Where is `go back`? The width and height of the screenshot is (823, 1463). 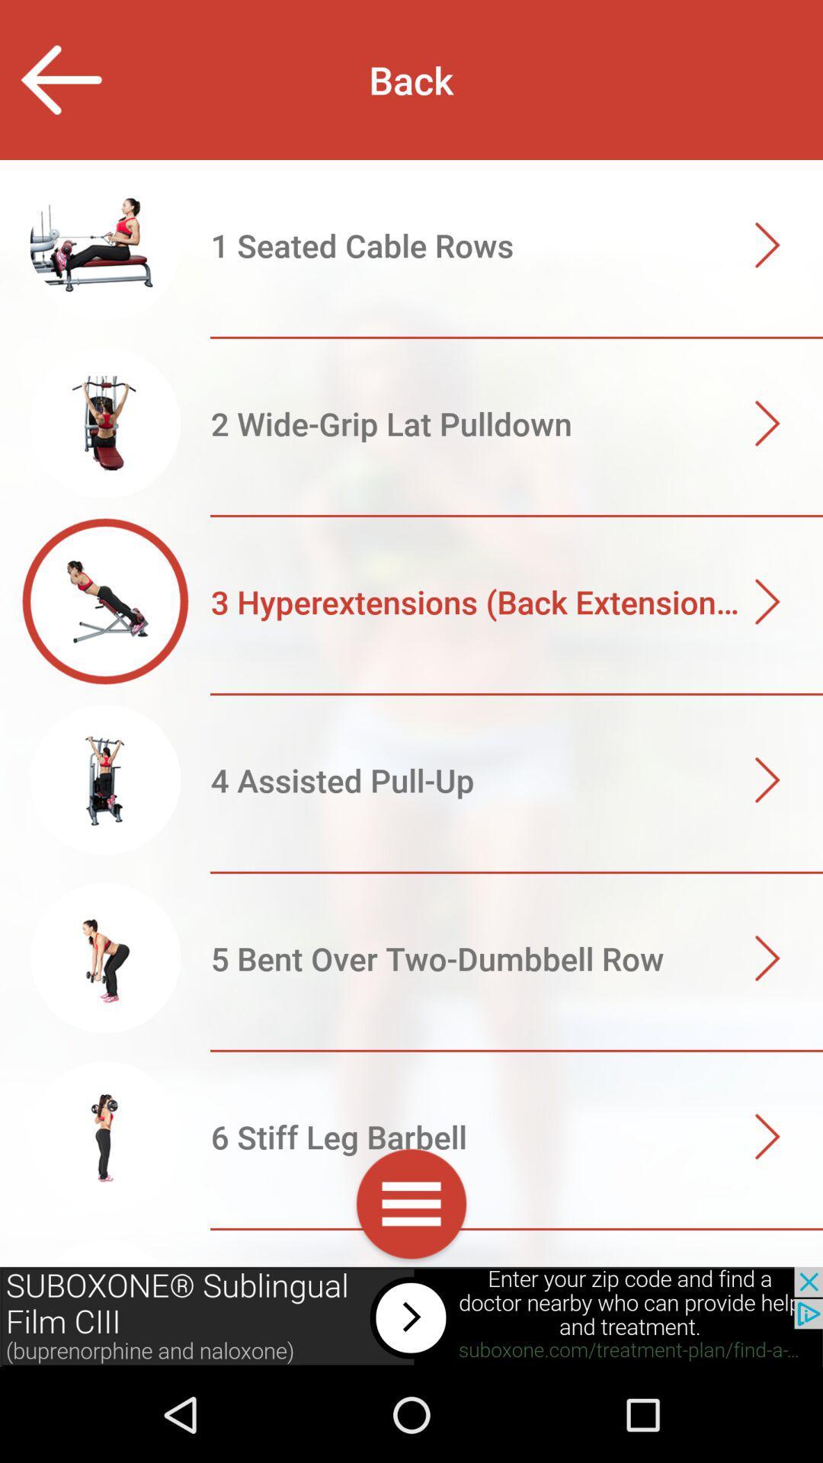 go back is located at coordinates (59, 79).